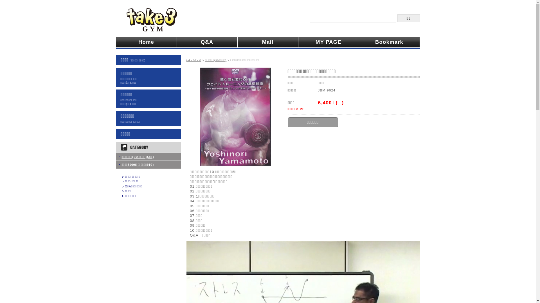 The height and width of the screenshot is (303, 540). Describe the element at coordinates (328, 42) in the screenshot. I see `'MY PAGE'` at that location.